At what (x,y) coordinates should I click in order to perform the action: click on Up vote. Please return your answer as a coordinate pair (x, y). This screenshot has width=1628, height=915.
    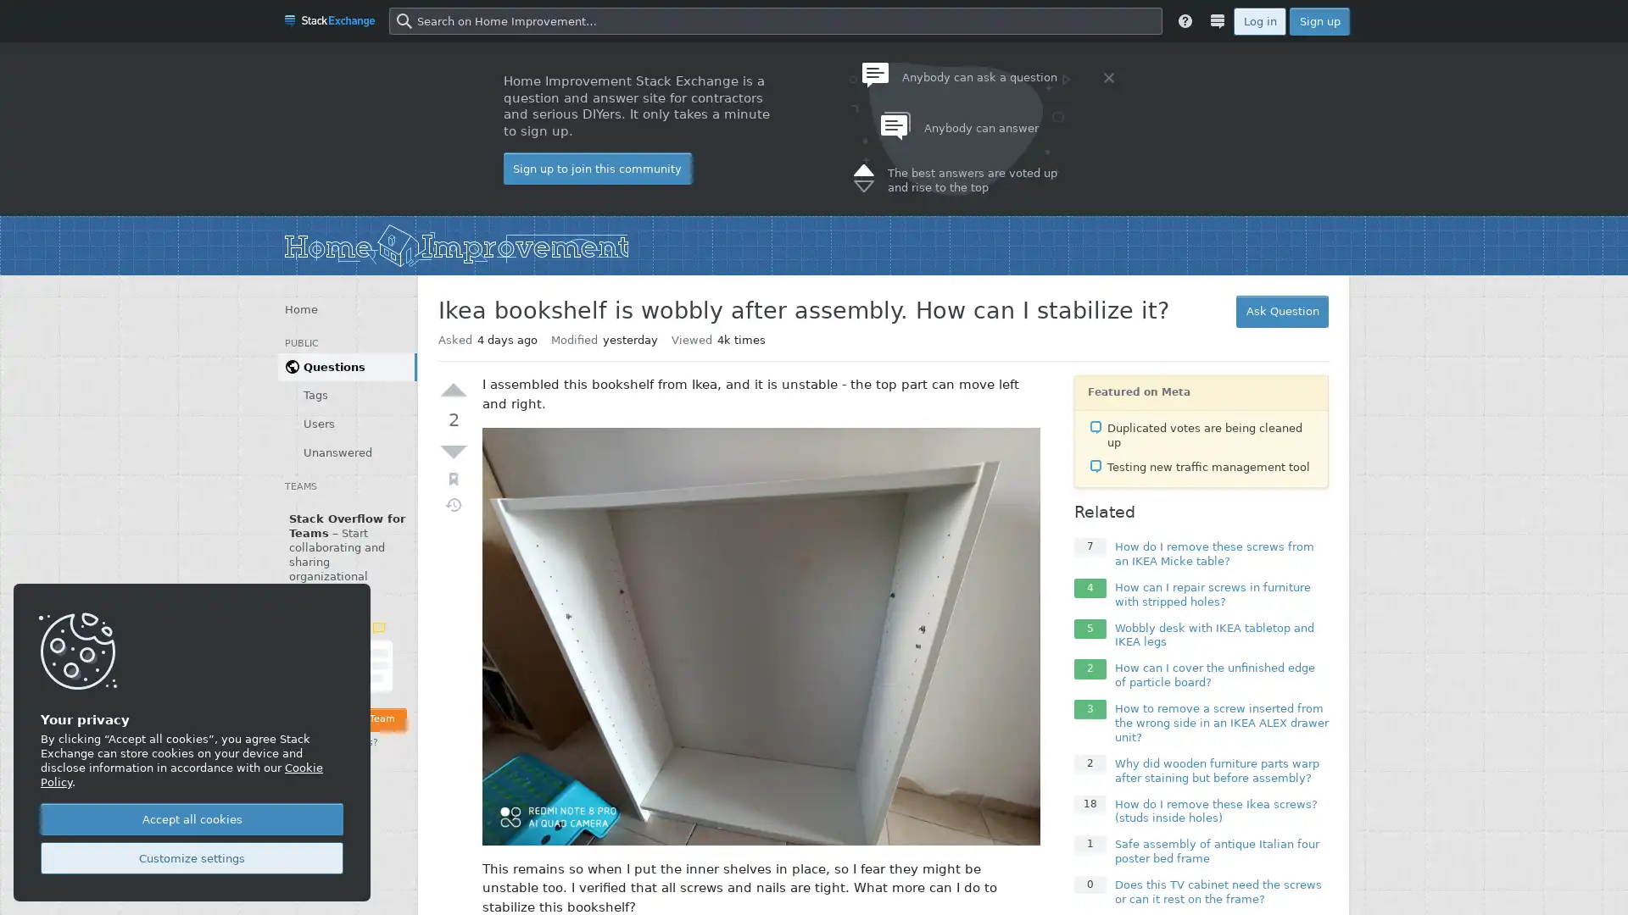
    Looking at the image, I should click on (453, 391).